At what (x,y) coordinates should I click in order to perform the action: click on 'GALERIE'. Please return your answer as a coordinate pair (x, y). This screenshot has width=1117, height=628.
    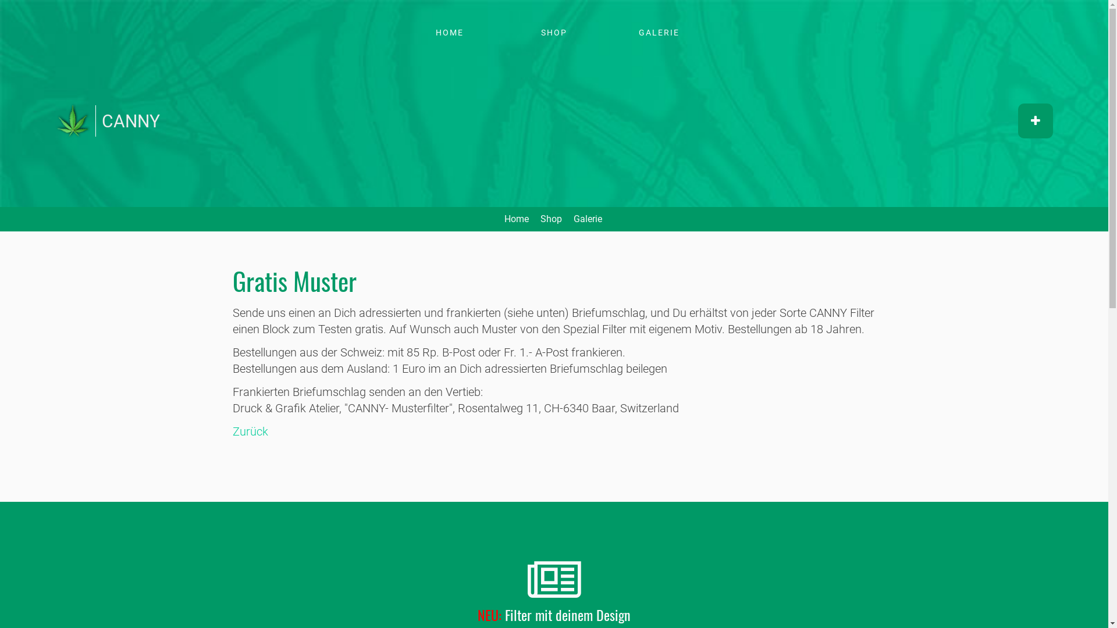
    Looking at the image, I should click on (611, 32).